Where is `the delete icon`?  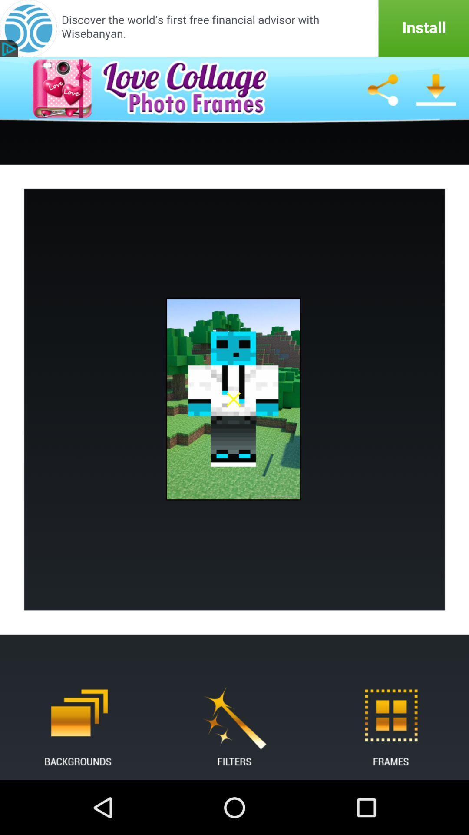
the delete icon is located at coordinates (78, 779).